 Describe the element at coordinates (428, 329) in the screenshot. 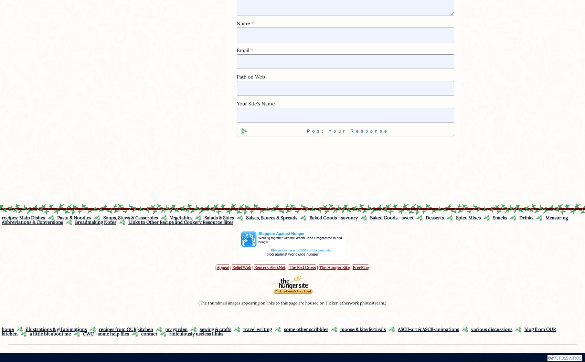

I see `'ASCII-art & ASCII-animations'` at that location.